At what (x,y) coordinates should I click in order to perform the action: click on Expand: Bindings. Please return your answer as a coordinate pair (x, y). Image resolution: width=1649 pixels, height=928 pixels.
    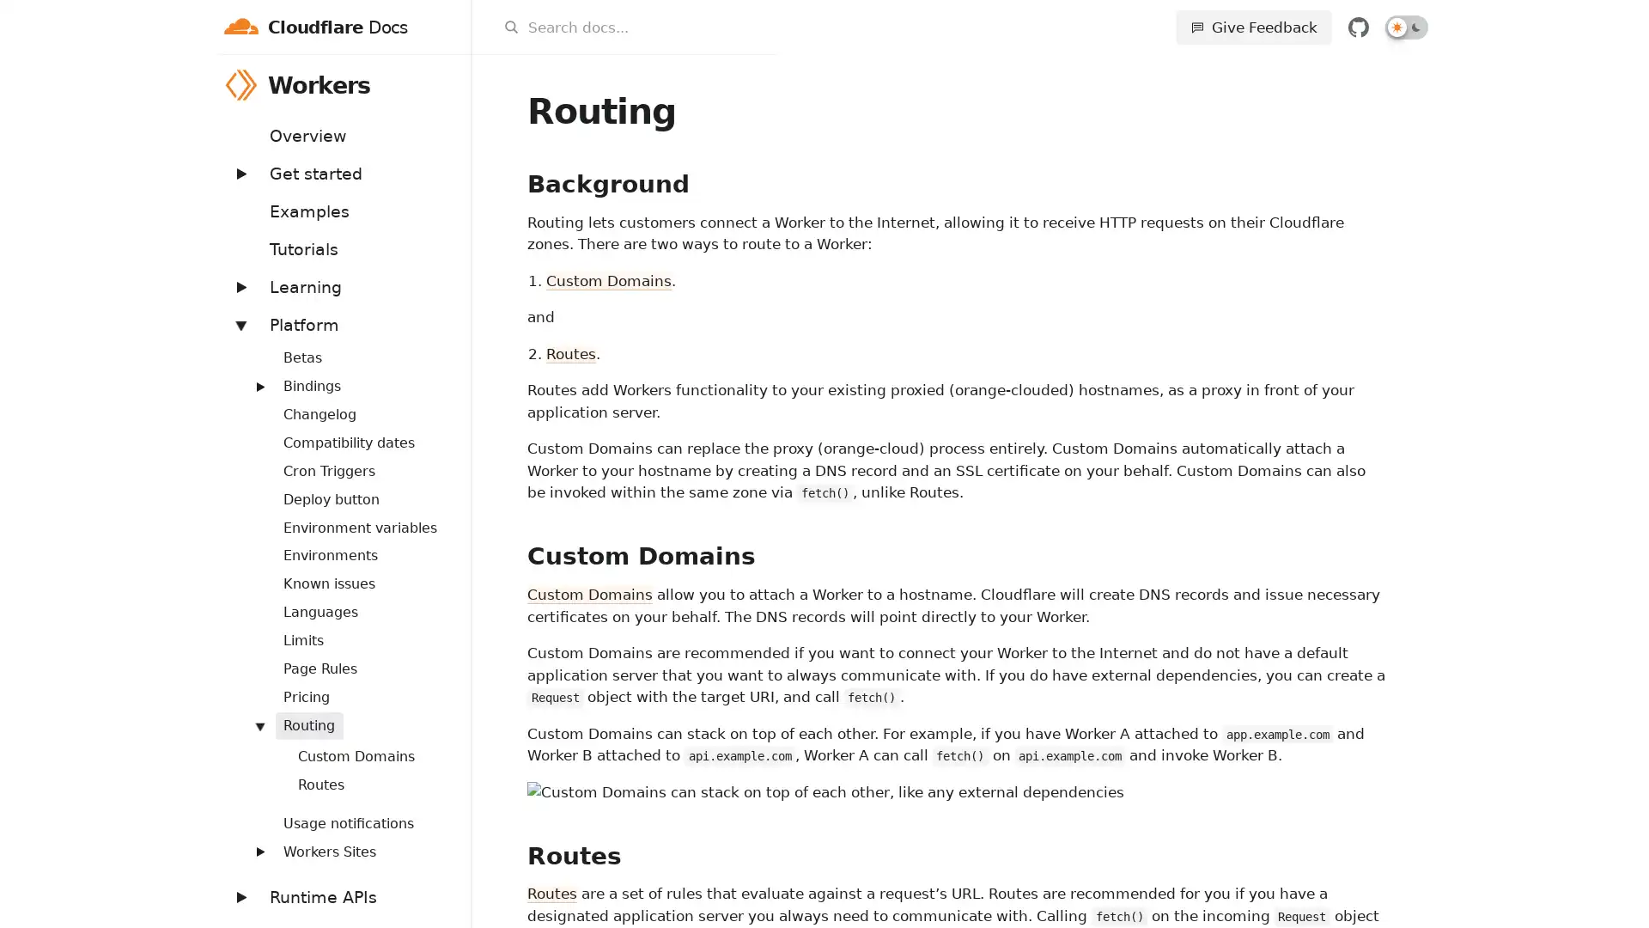
    Looking at the image, I should click on (259, 384).